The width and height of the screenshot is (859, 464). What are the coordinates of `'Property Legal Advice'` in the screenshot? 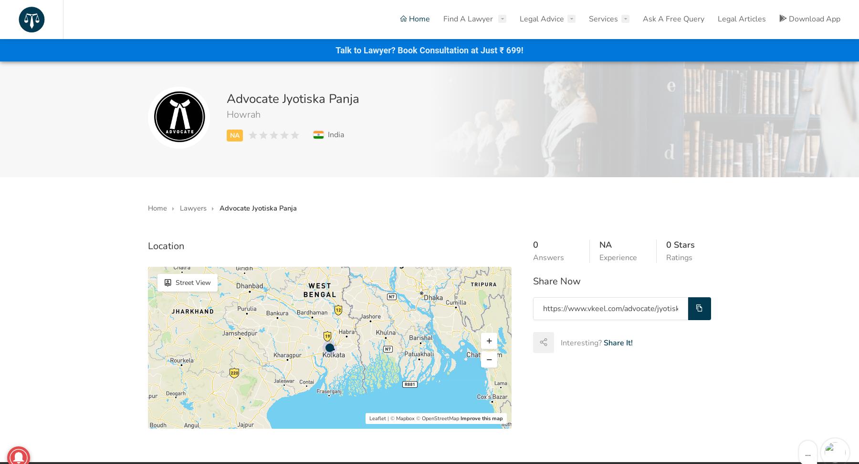 It's located at (566, 69).